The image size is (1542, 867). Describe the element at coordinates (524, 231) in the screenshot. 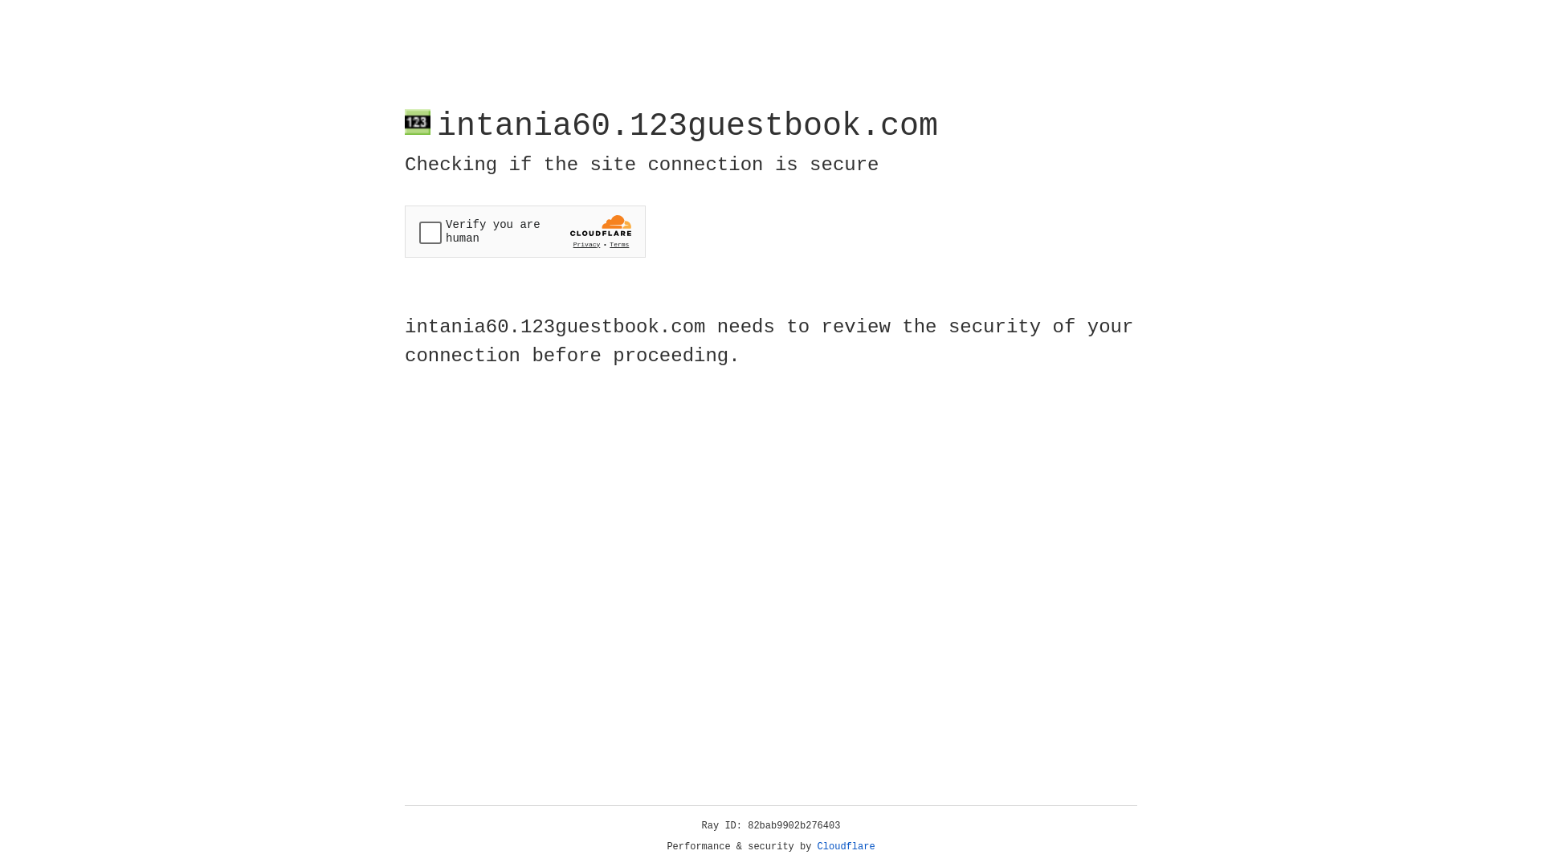

I see `'Widget containing a Cloudflare security challenge'` at that location.